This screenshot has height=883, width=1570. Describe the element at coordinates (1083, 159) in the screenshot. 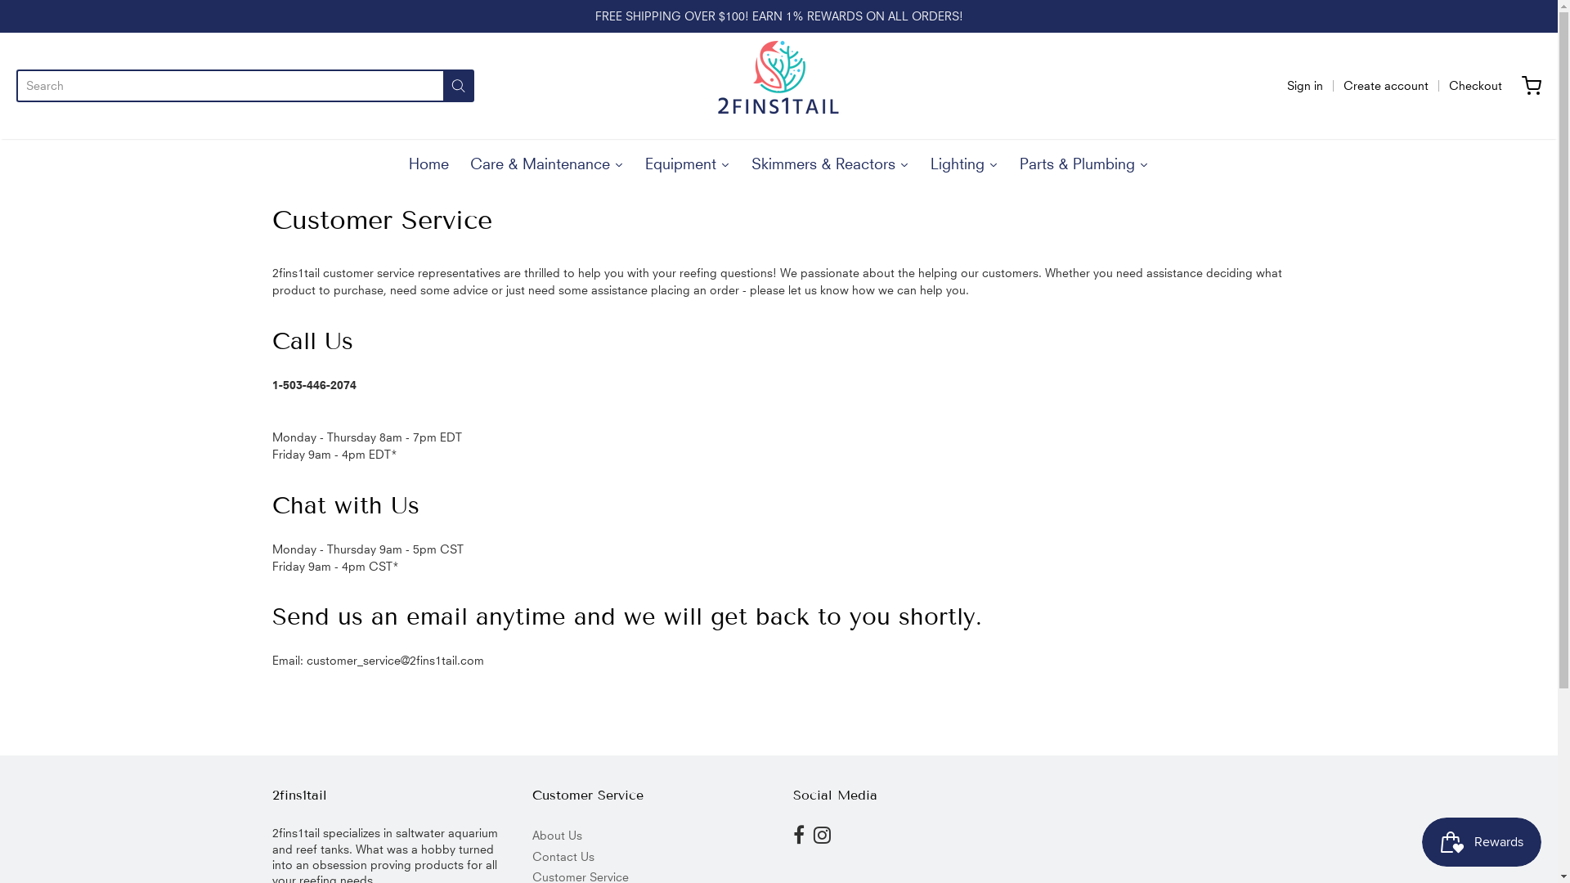

I see `'Parts & Plumbing'` at that location.